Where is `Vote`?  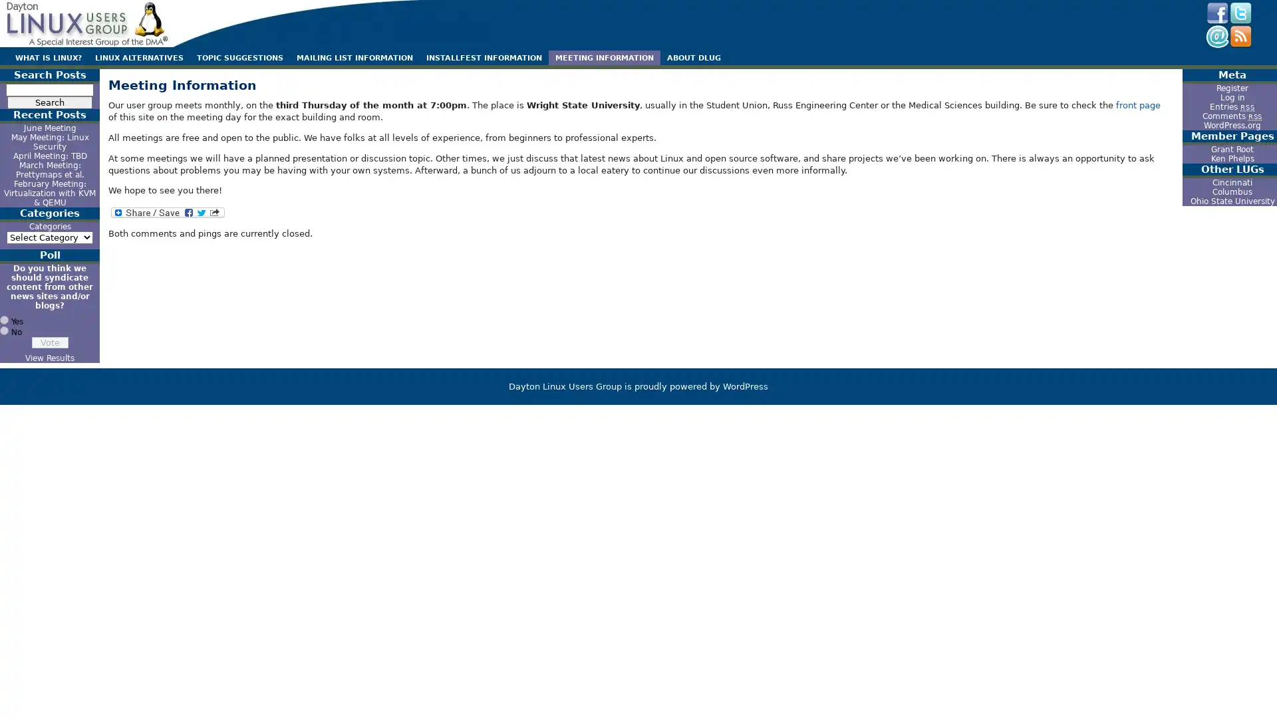
Vote is located at coordinates (49, 342).